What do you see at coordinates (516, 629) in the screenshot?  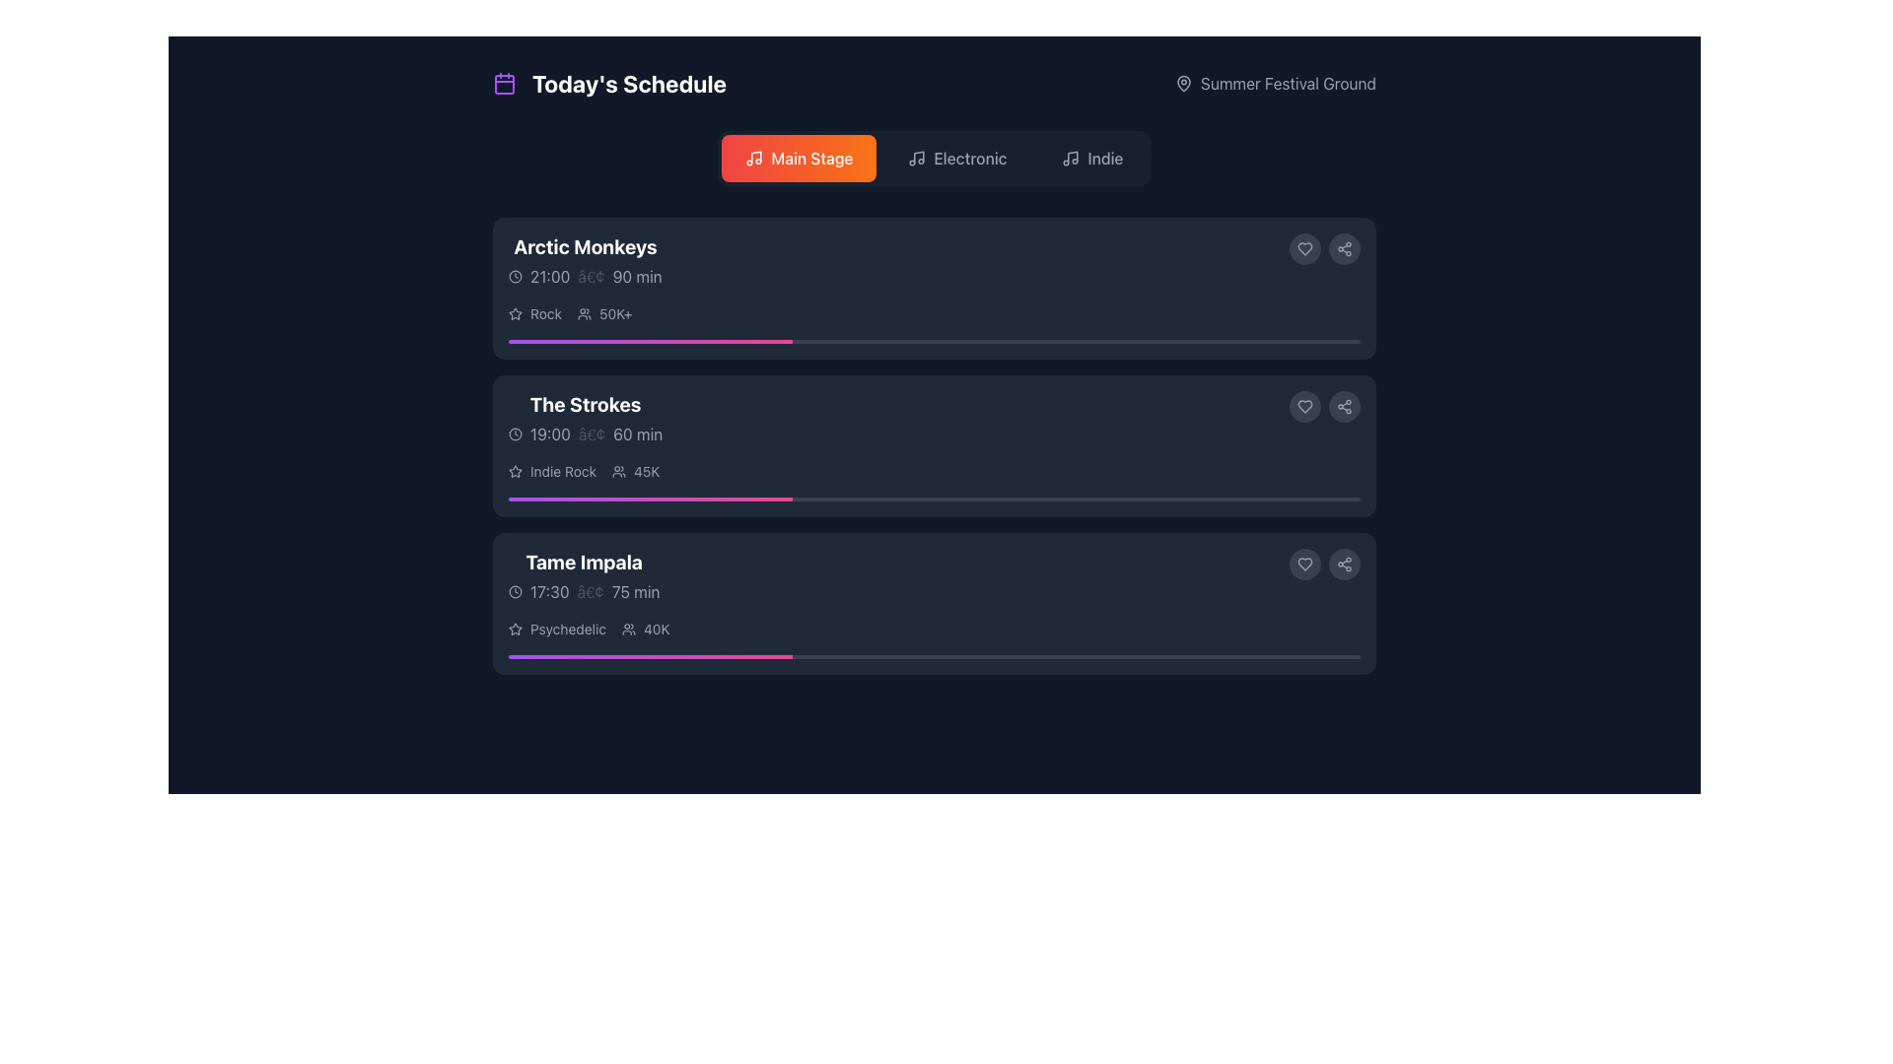 I see `the star-shaped icon located` at bounding box center [516, 629].